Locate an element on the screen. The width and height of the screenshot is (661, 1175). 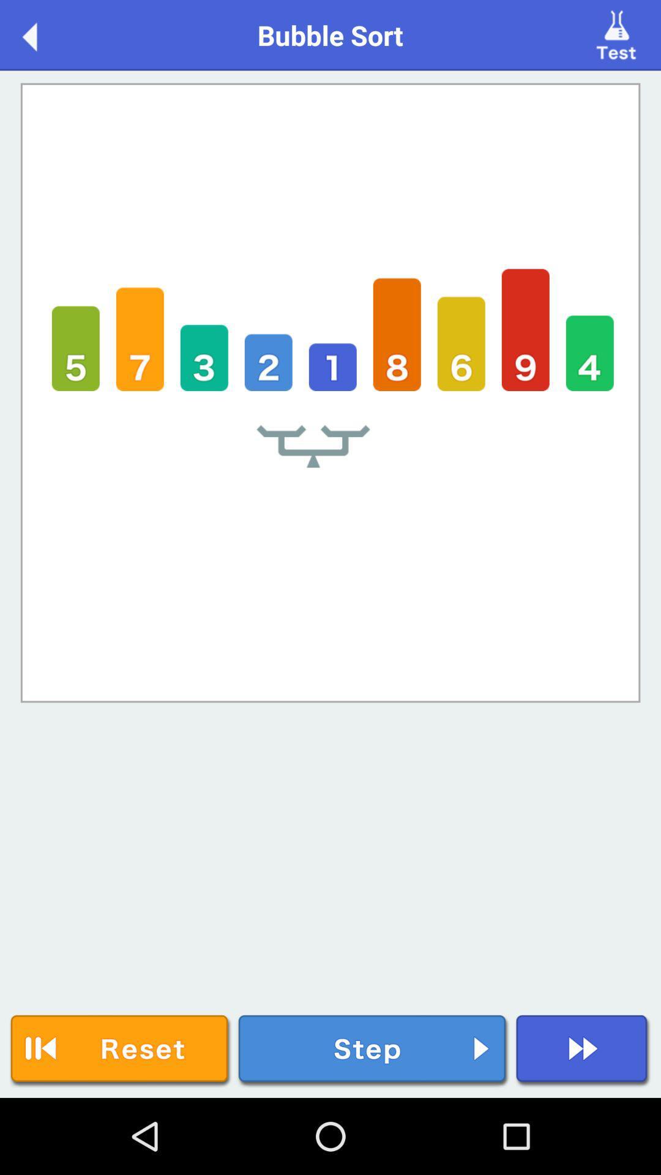
next item is located at coordinates (582, 1050).